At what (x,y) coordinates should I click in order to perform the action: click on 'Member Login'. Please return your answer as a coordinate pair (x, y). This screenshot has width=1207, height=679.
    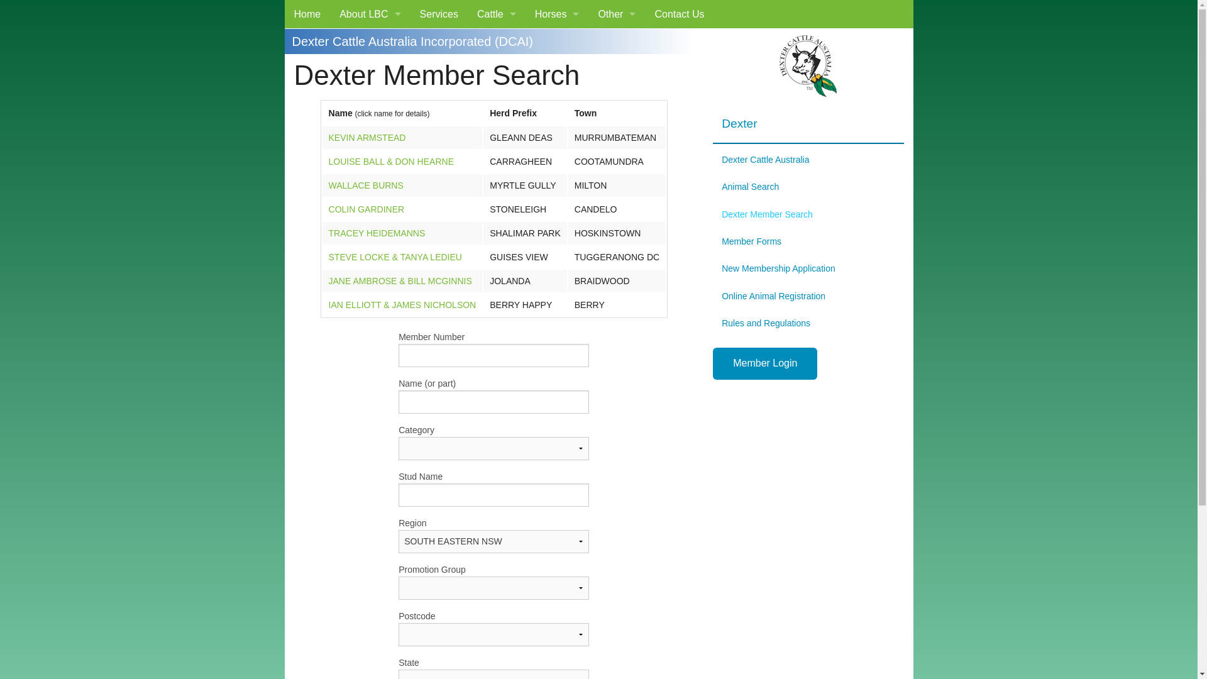
    Looking at the image, I should click on (764, 363).